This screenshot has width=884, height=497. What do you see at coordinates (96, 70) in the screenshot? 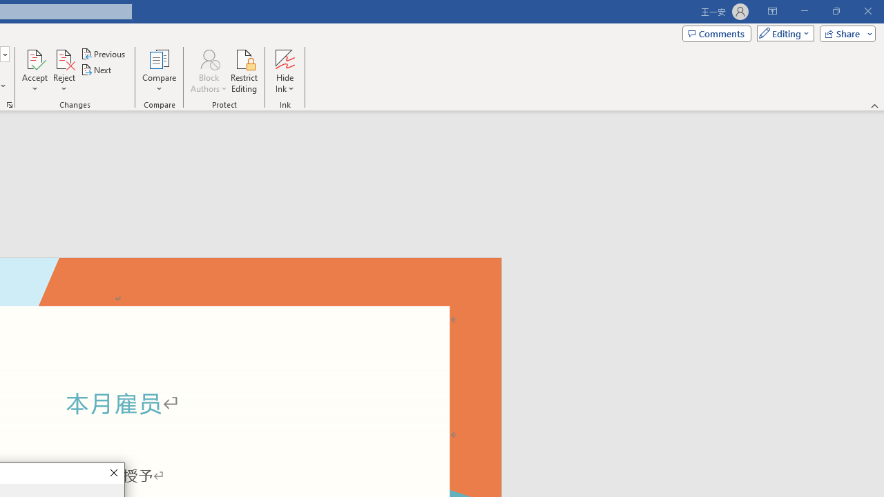
I see `'Next'` at bounding box center [96, 70].